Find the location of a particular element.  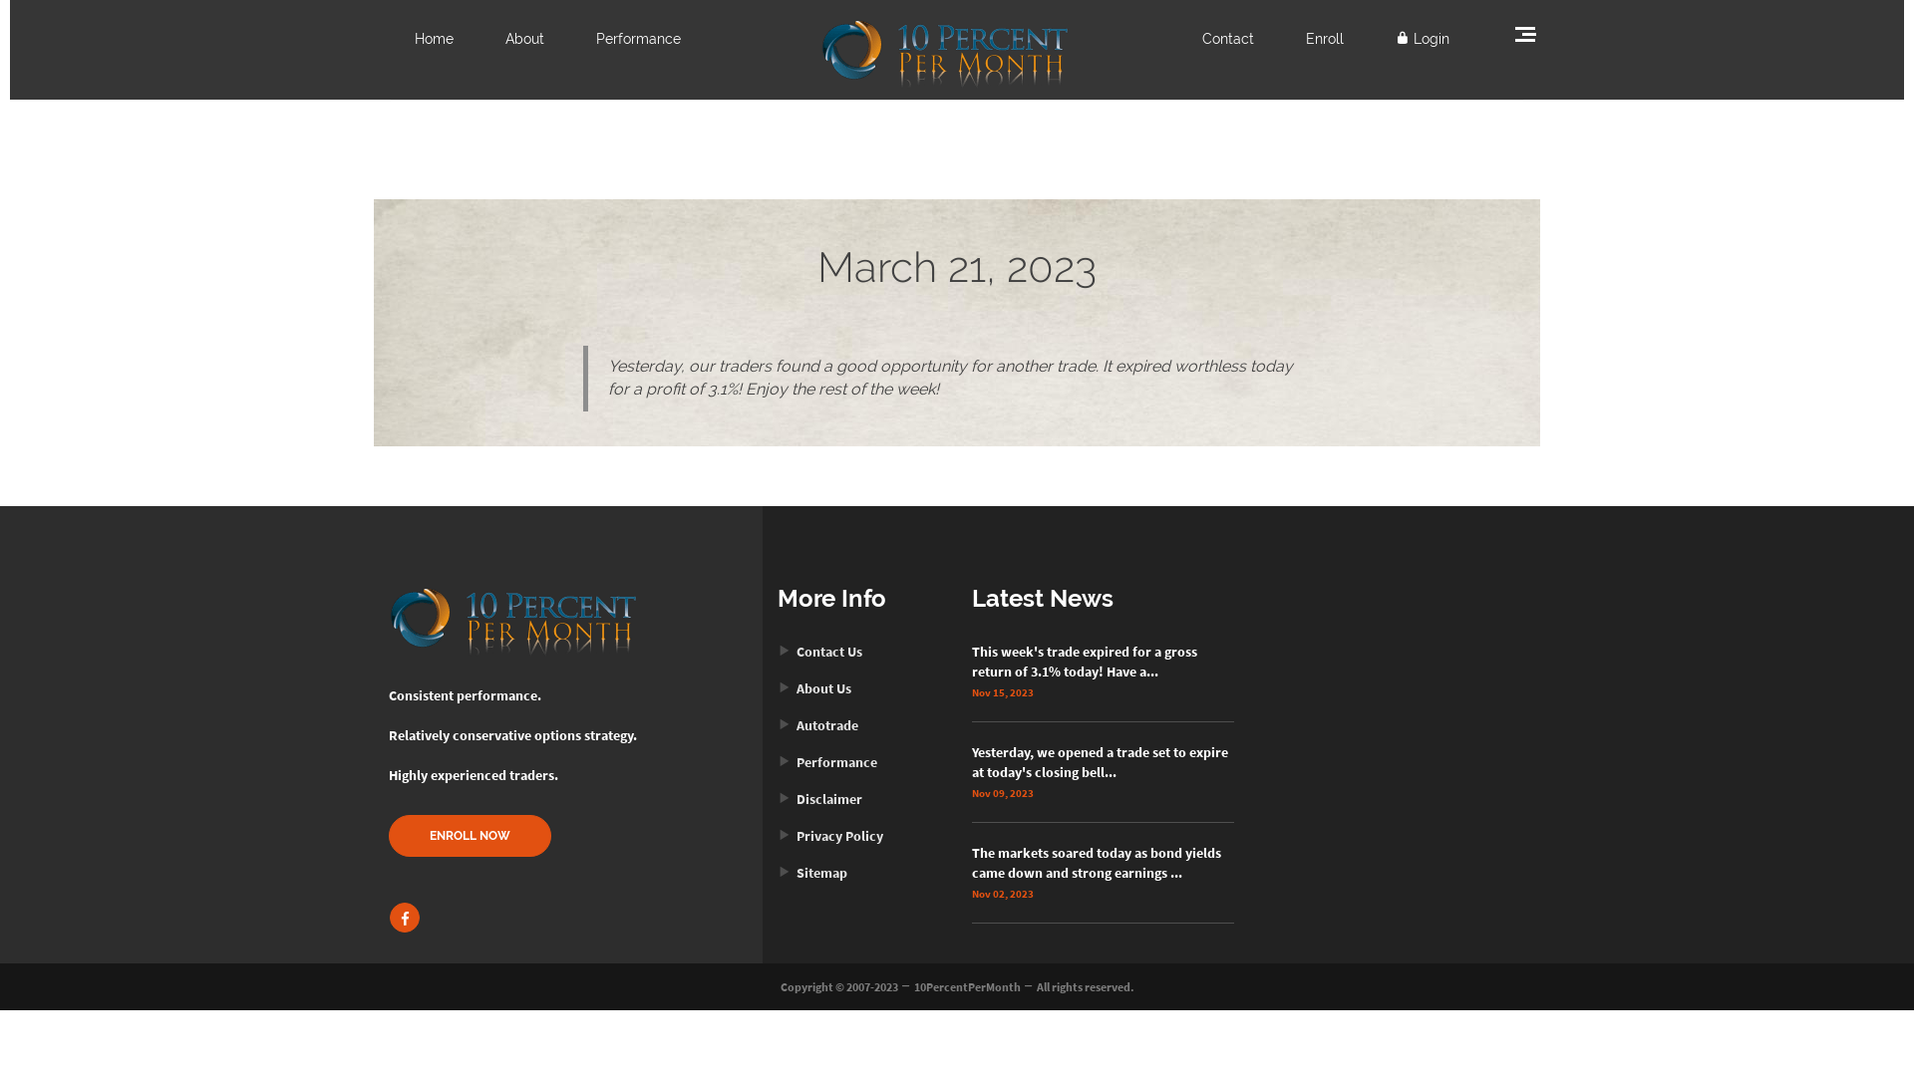

'ENROLL NOW' is located at coordinates (469, 836).